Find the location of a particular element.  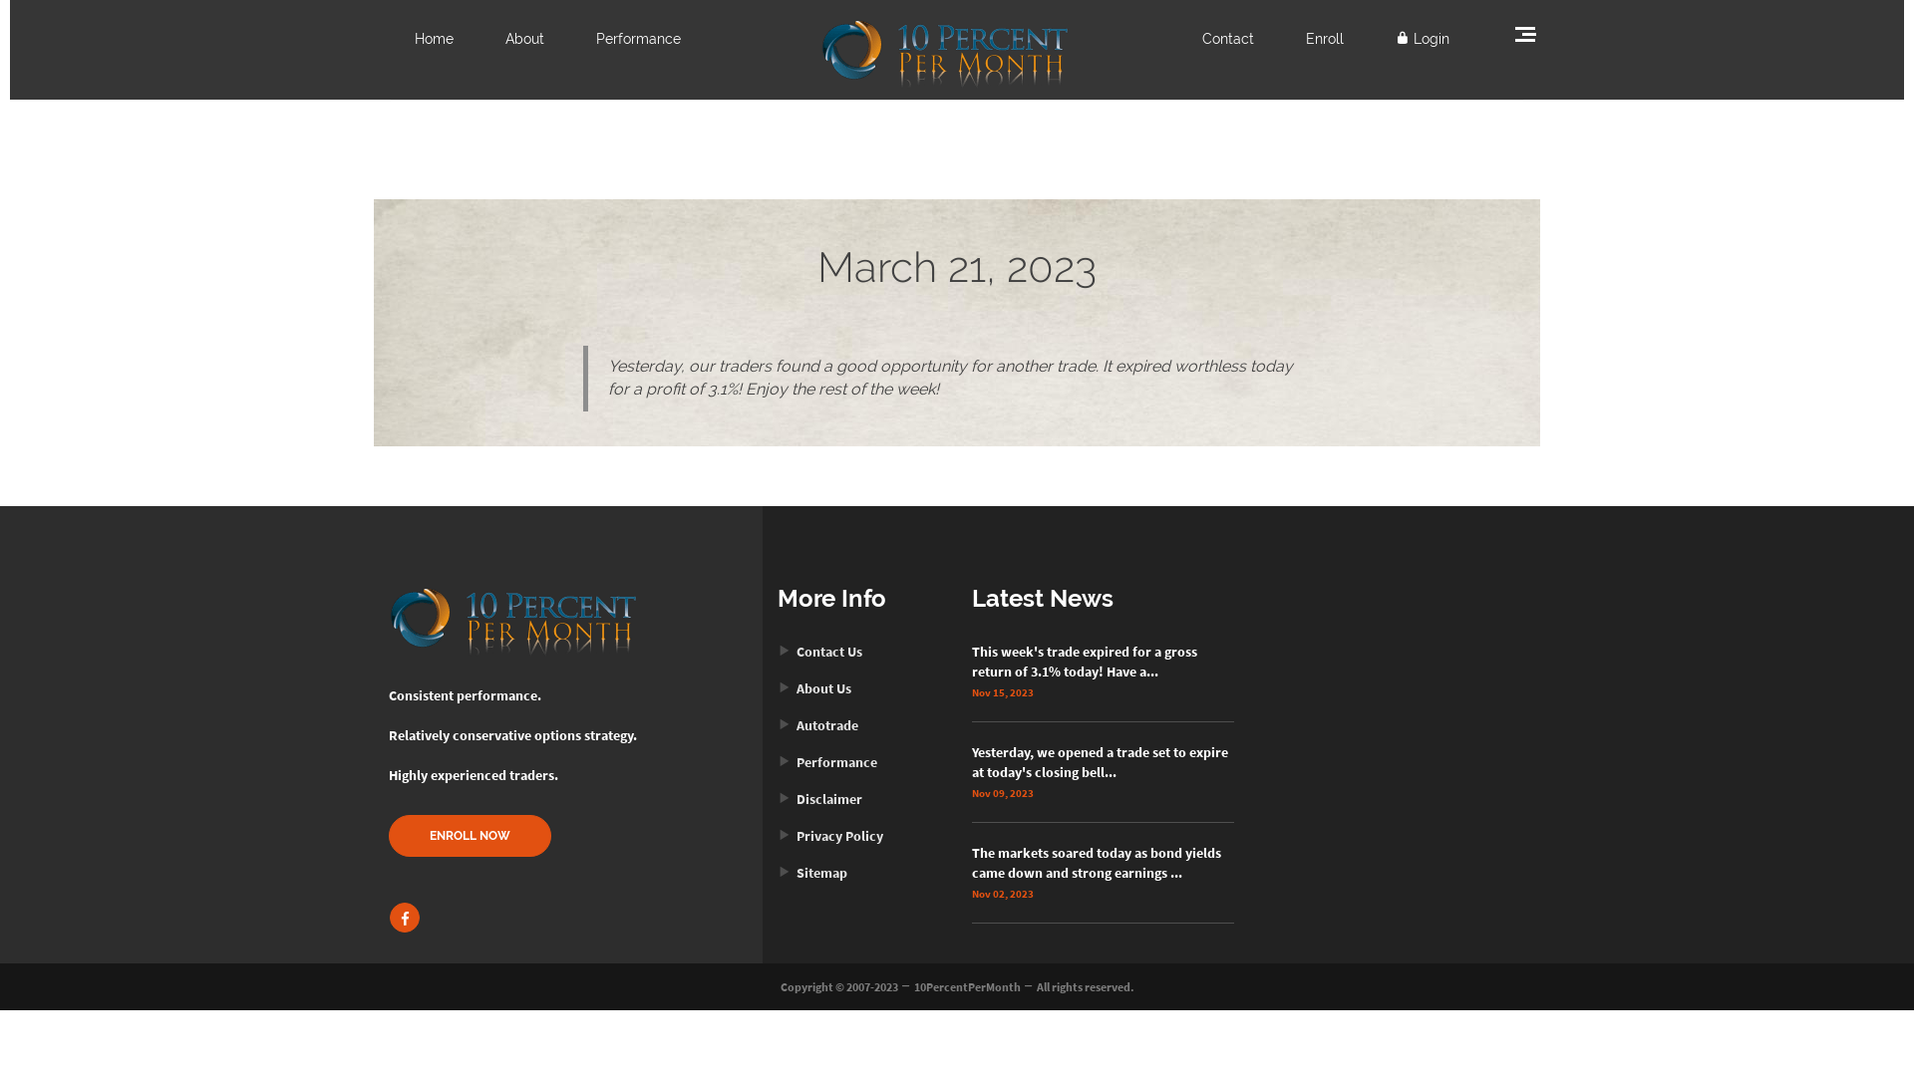

'ENROLL NOW' is located at coordinates (469, 836).